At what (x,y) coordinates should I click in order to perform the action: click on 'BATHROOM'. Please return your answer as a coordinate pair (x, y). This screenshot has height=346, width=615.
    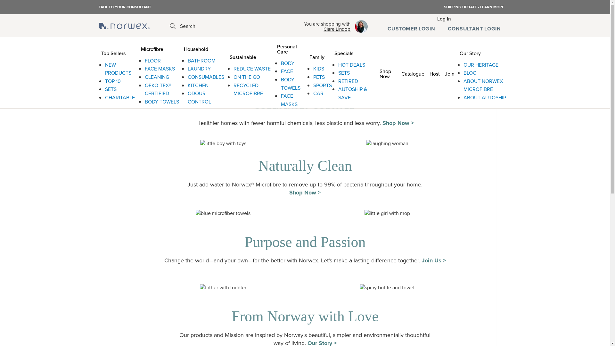
    Looking at the image, I should click on (187, 61).